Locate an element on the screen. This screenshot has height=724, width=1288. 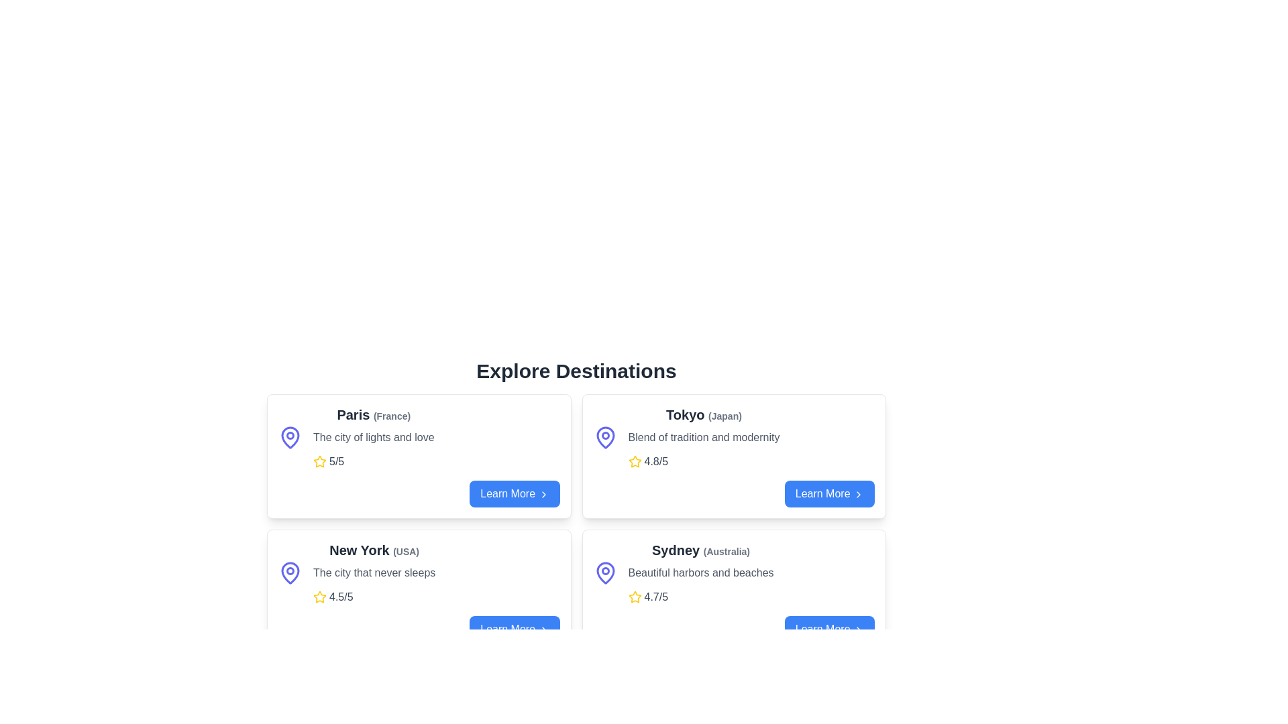
the text label displaying '4.7/5' which is part of the rating system for the travel destination 'Sydney (Australia)', located next to a yellow star icon in the bottom-right card of the grid layout is located at coordinates (656, 597).